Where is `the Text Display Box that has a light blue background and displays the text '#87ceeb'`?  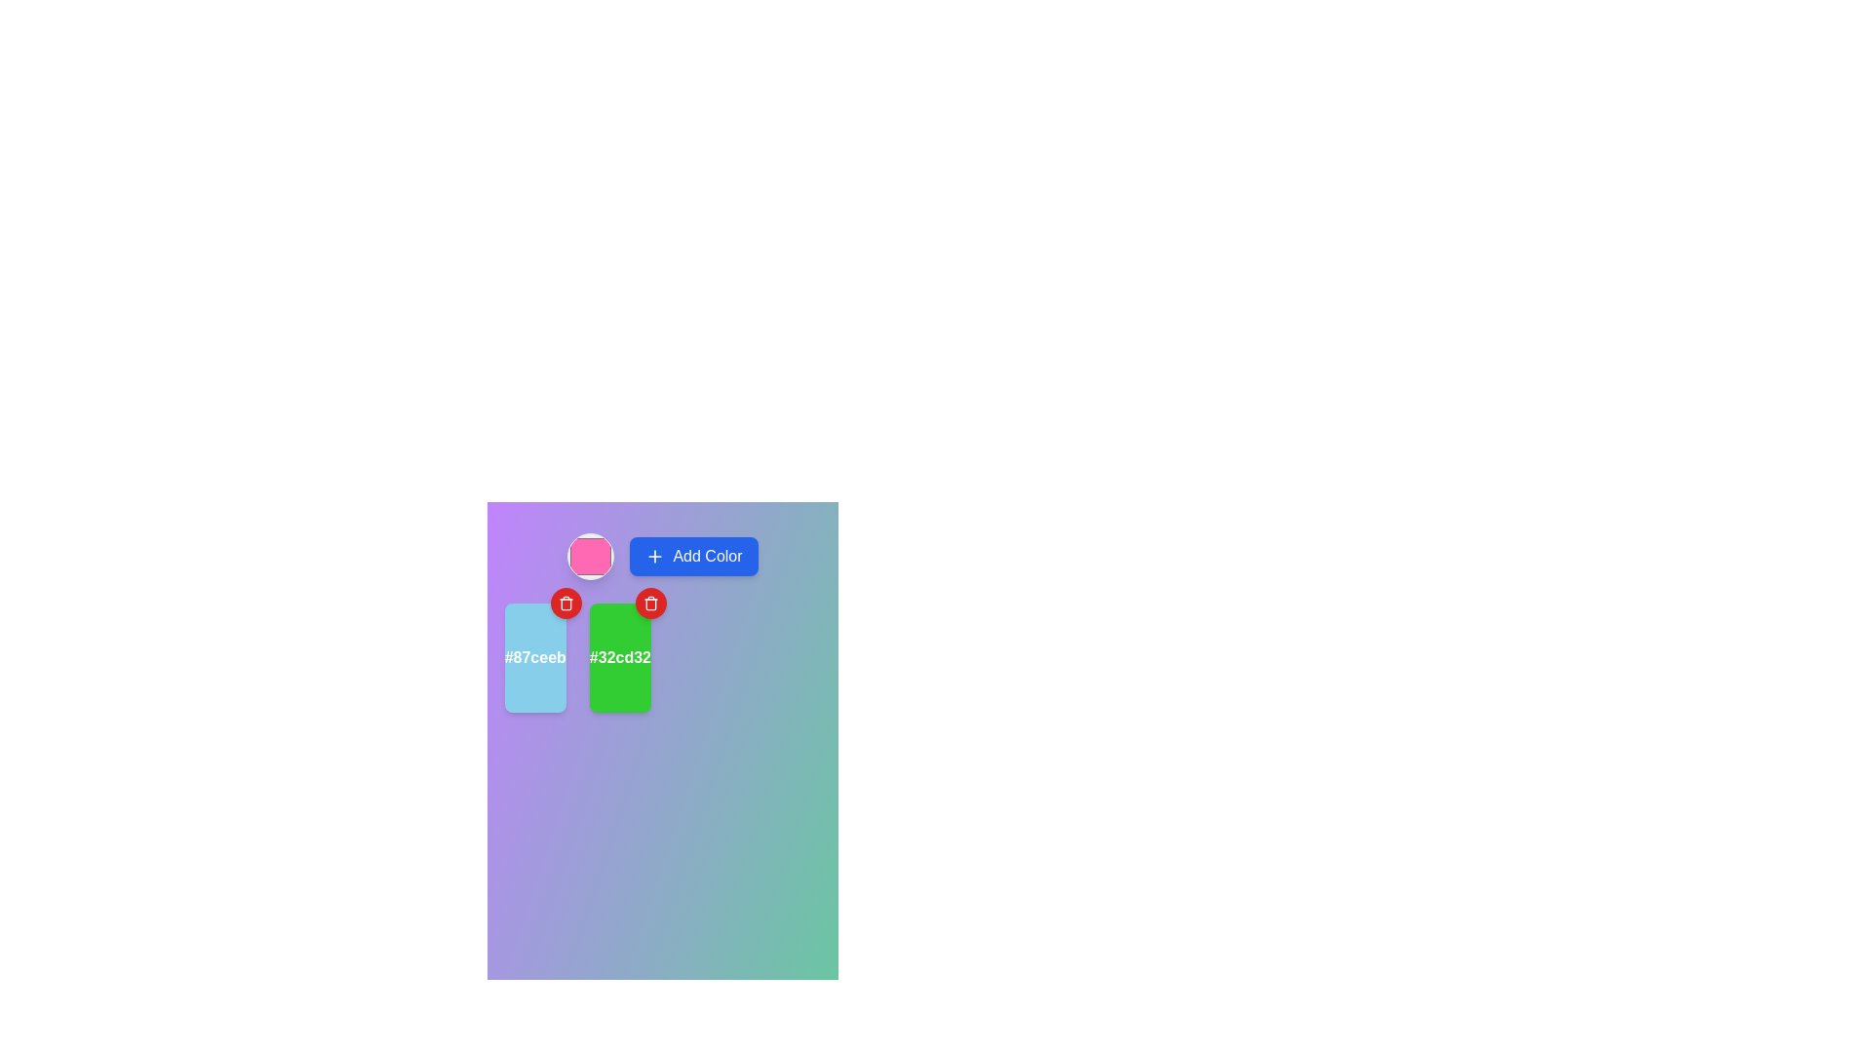
the Text Display Box that has a light blue background and displays the text '#87ceeb' is located at coordinates (535, 658).